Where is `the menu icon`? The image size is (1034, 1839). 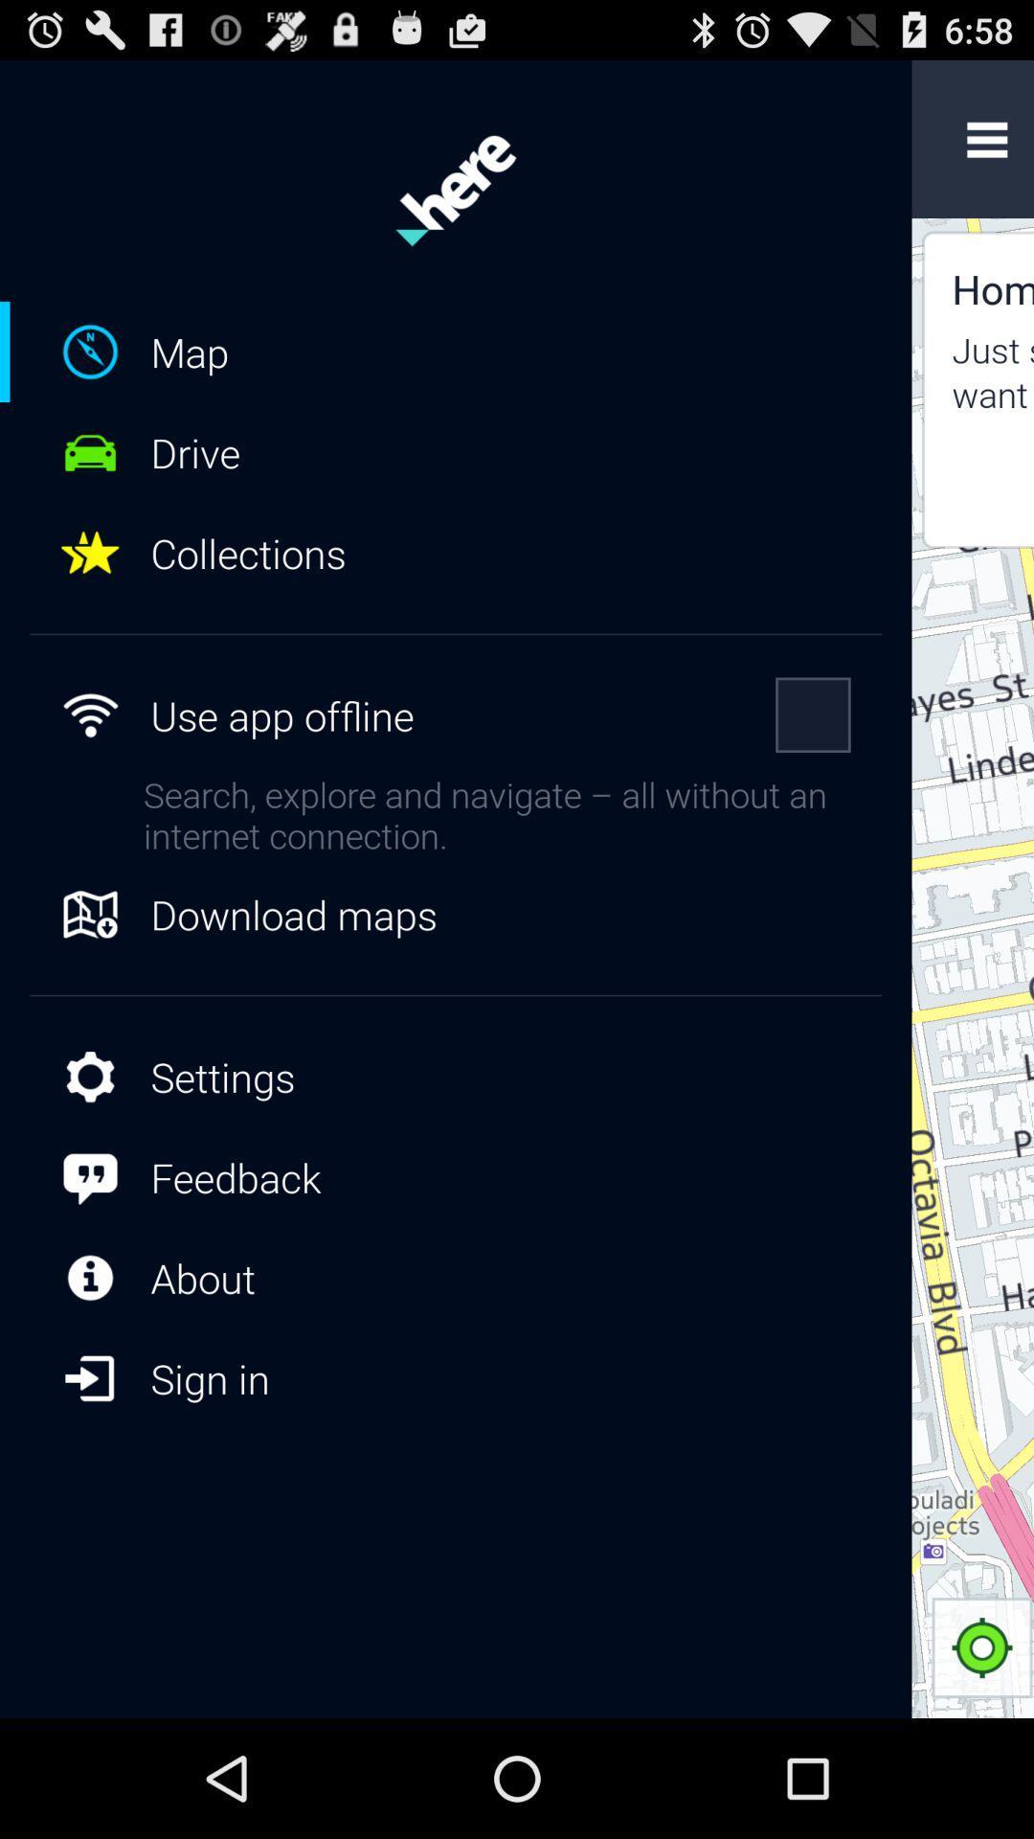 the menu icon is located at coordinates (987, 148).